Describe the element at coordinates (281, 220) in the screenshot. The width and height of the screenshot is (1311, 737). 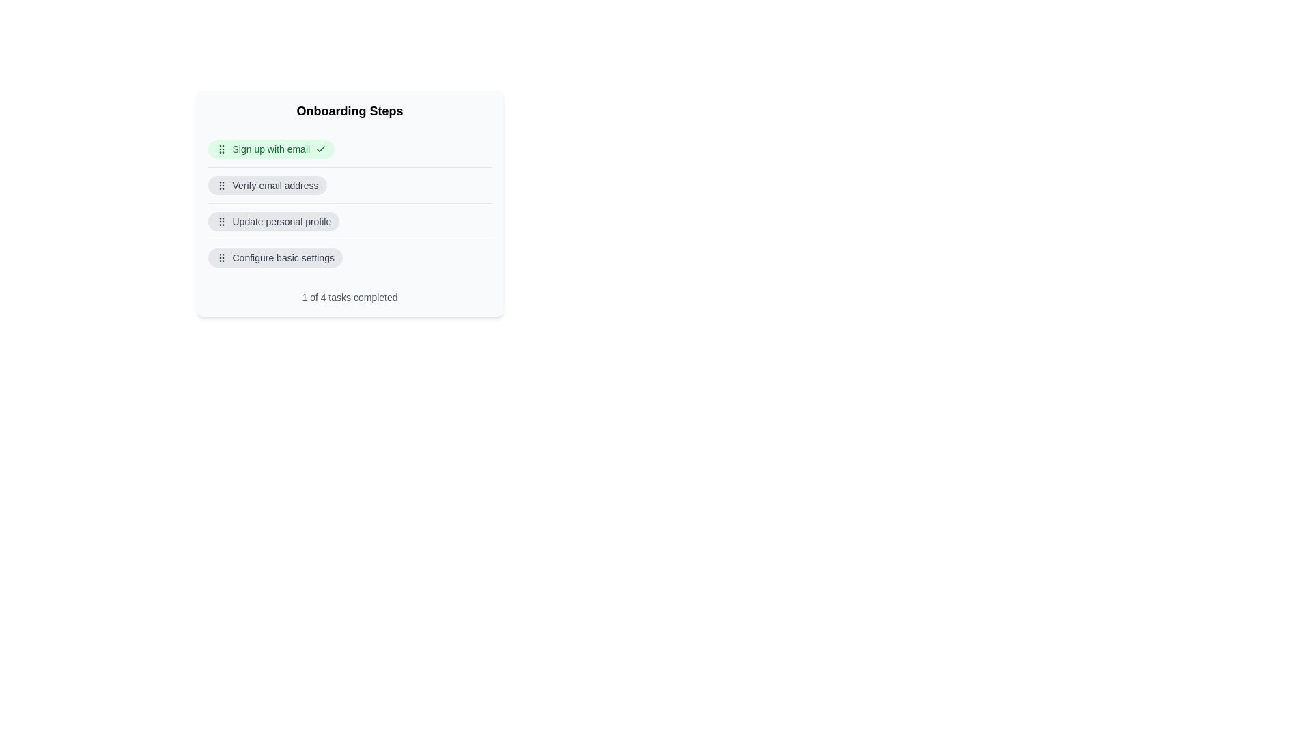
I see `the text label that says 'Update personal profile', which is the third item in the onboarding steps list` at that location.